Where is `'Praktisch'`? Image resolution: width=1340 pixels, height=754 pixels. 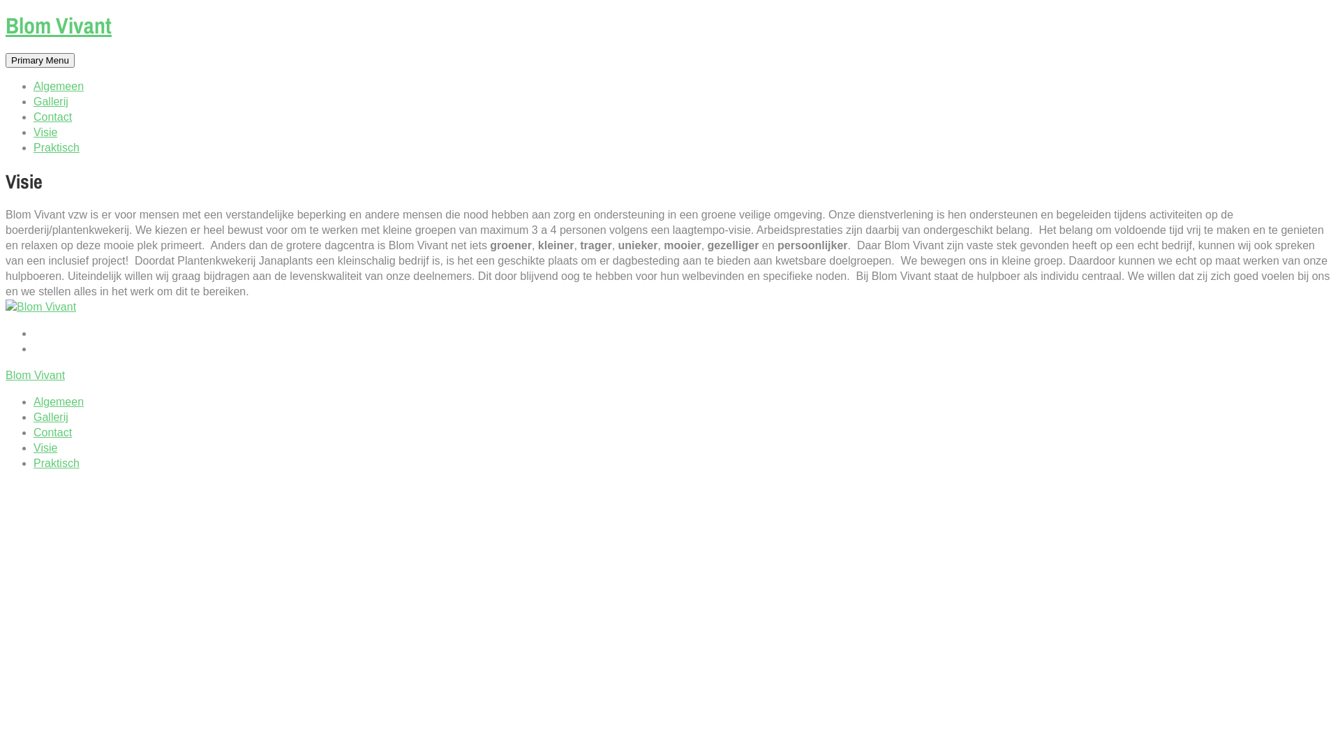
'Praktisch' is located at coordinates (56, 147).